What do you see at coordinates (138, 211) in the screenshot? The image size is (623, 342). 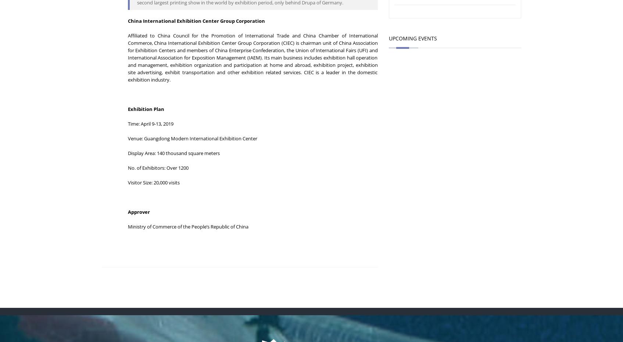 I see `'Approver'` at bounding box center [138, 211].